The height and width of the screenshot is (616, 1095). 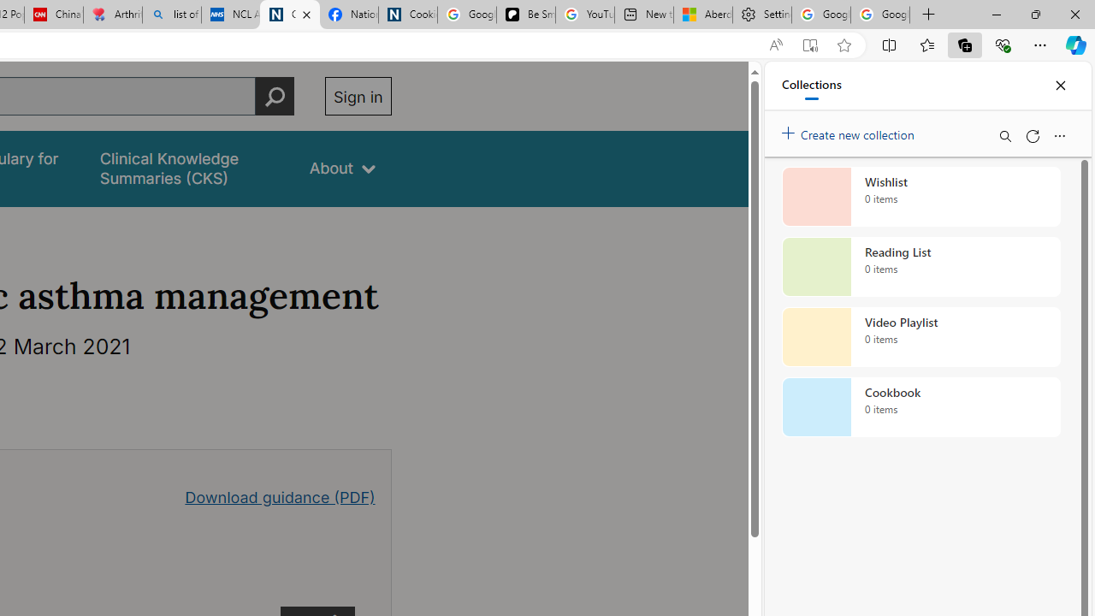 I want to click on 'Video Playlist collection, 0 items', so click(x=920, y=337).